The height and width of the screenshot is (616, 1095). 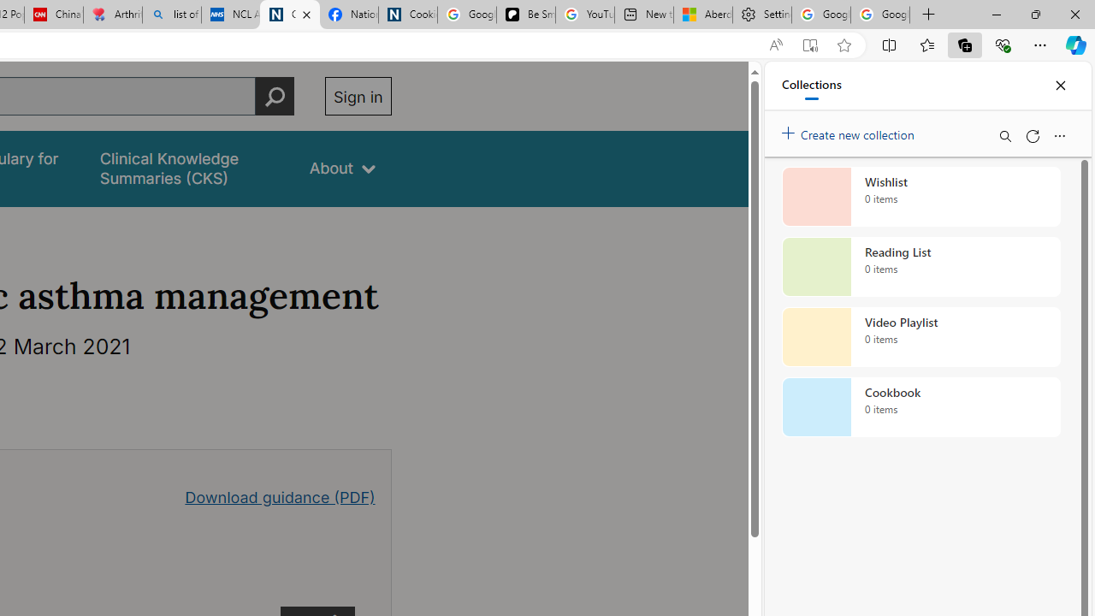 I want to click on 'Video Playlist collection, 0 items', so click(x=920, y=337).